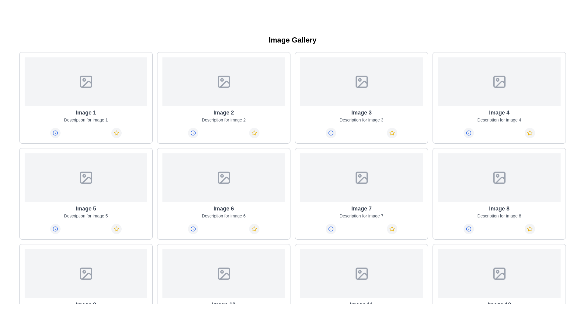 This screenshot has width=584, height=328. Describe the element at coordinates (499, 120) in the screenshot. I see `text element that displays 'Description for image 4', which is styled in gray and positioned below the title 'Image 4' in the fourth card of the grid layout` at that location.